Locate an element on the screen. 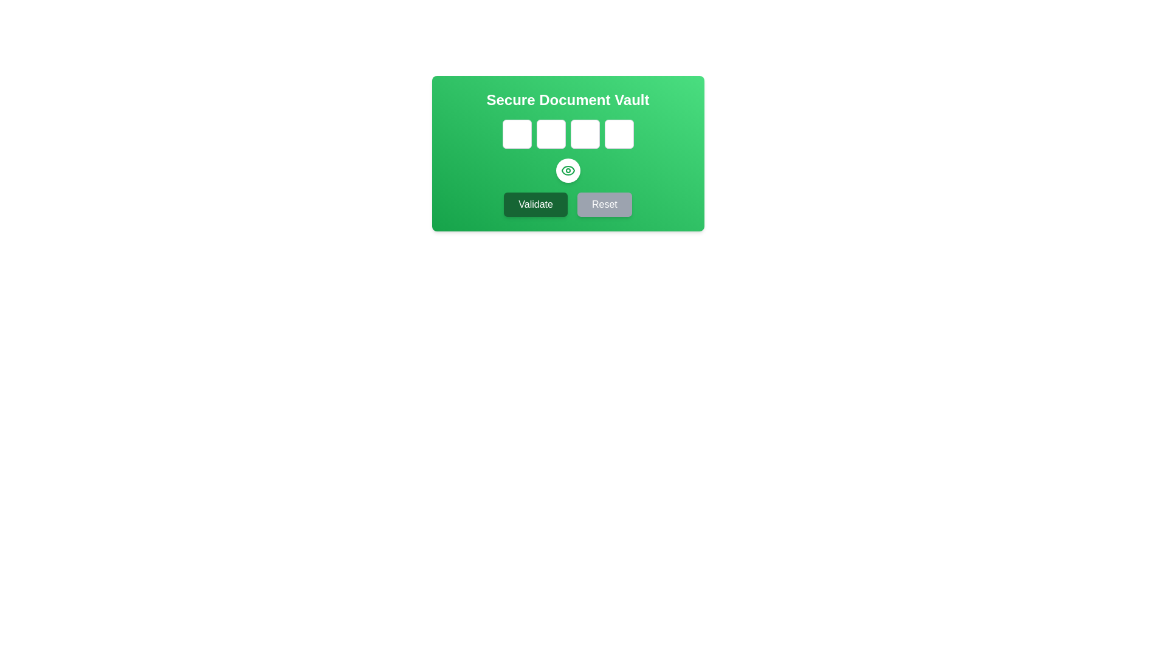 The image size is (1167, 656). the eye-icon within the circular button is located at coordinates (567, 171).